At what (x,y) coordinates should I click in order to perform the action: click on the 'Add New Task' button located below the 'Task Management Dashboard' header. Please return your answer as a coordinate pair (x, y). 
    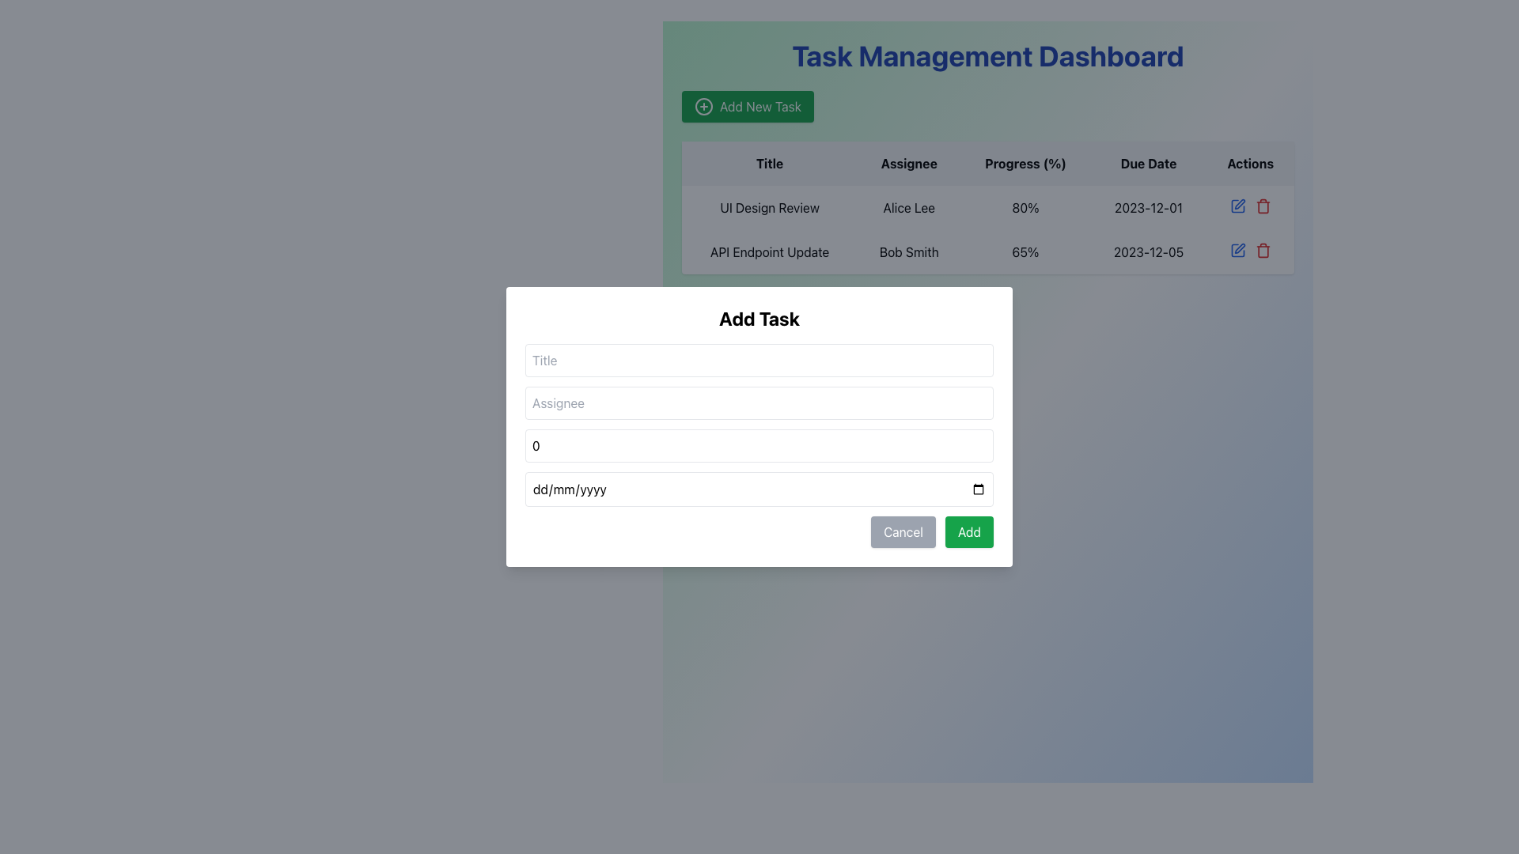
    Looking at the image, I should click on (747, 107).